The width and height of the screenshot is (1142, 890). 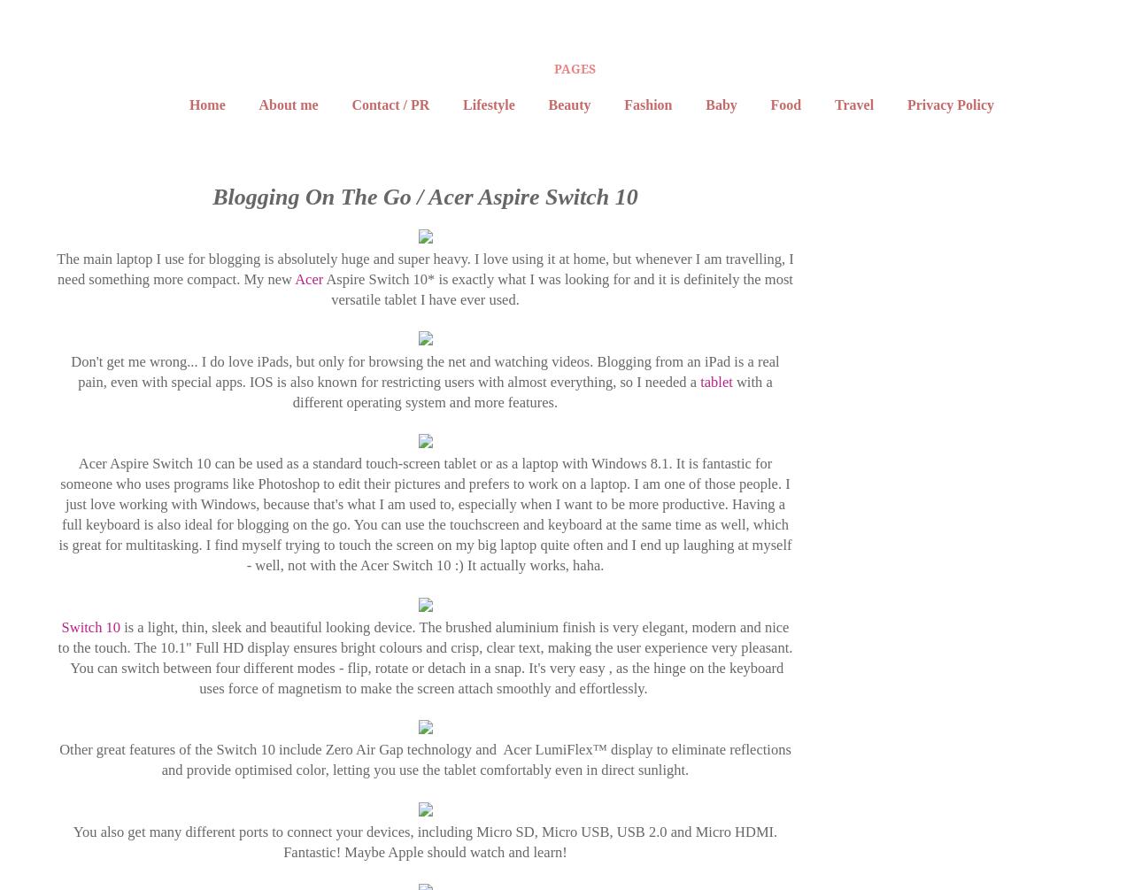 I want to click on 'Switch 10', so click(x=89, y=626).